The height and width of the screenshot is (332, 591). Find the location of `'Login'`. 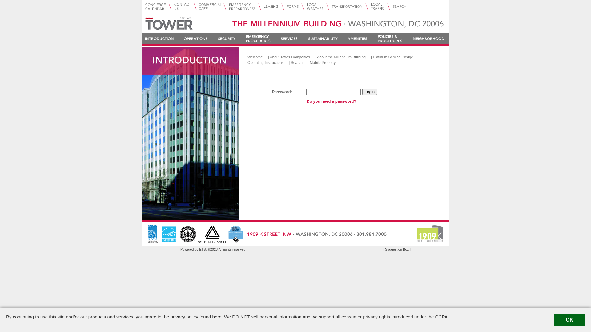

'Login' is located at coordinates (369, 92).